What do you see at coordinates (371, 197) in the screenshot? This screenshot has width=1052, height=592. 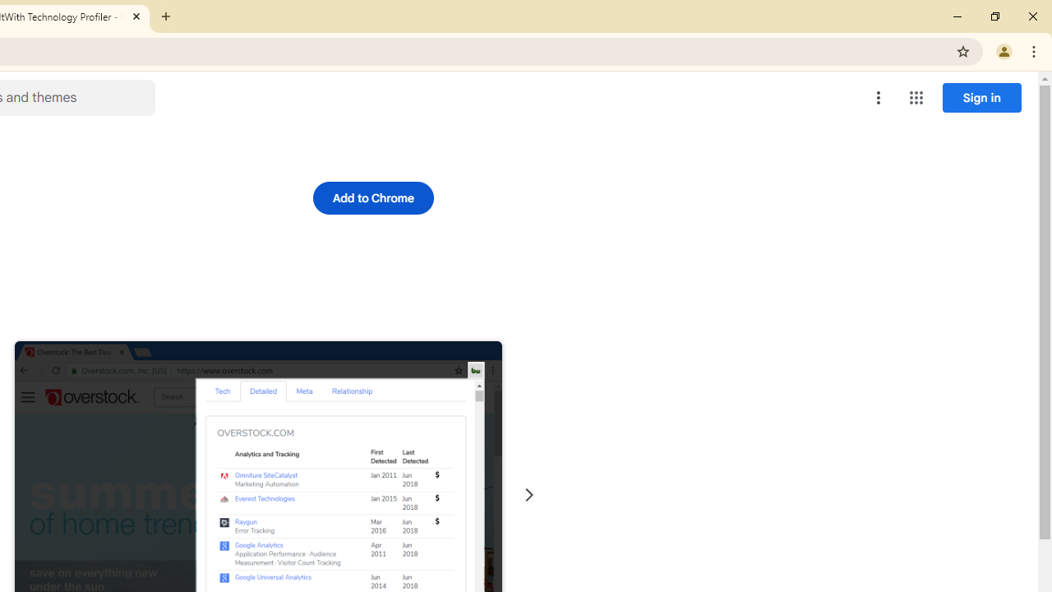 I see `'Add to Chrome'` at bounding box center [371, 197].